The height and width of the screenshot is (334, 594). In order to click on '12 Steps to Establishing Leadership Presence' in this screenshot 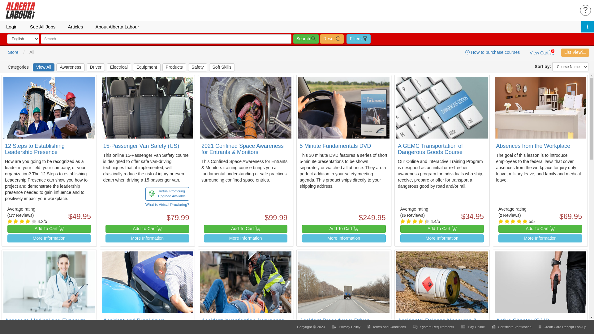, I will do `click(34, 149)`.